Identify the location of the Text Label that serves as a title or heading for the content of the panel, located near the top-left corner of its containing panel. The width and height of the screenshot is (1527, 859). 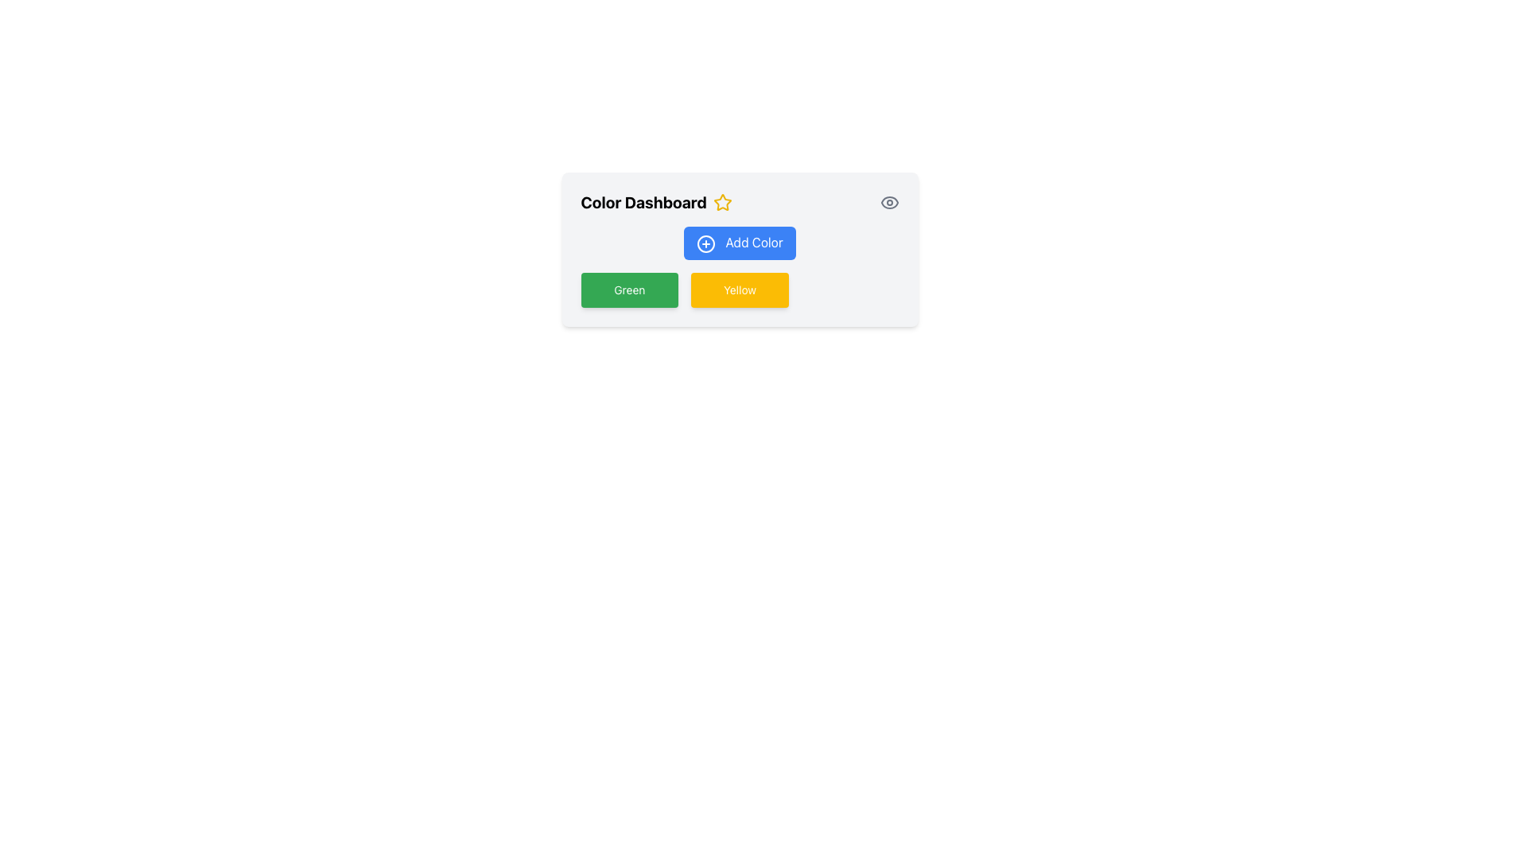
(656, 201).